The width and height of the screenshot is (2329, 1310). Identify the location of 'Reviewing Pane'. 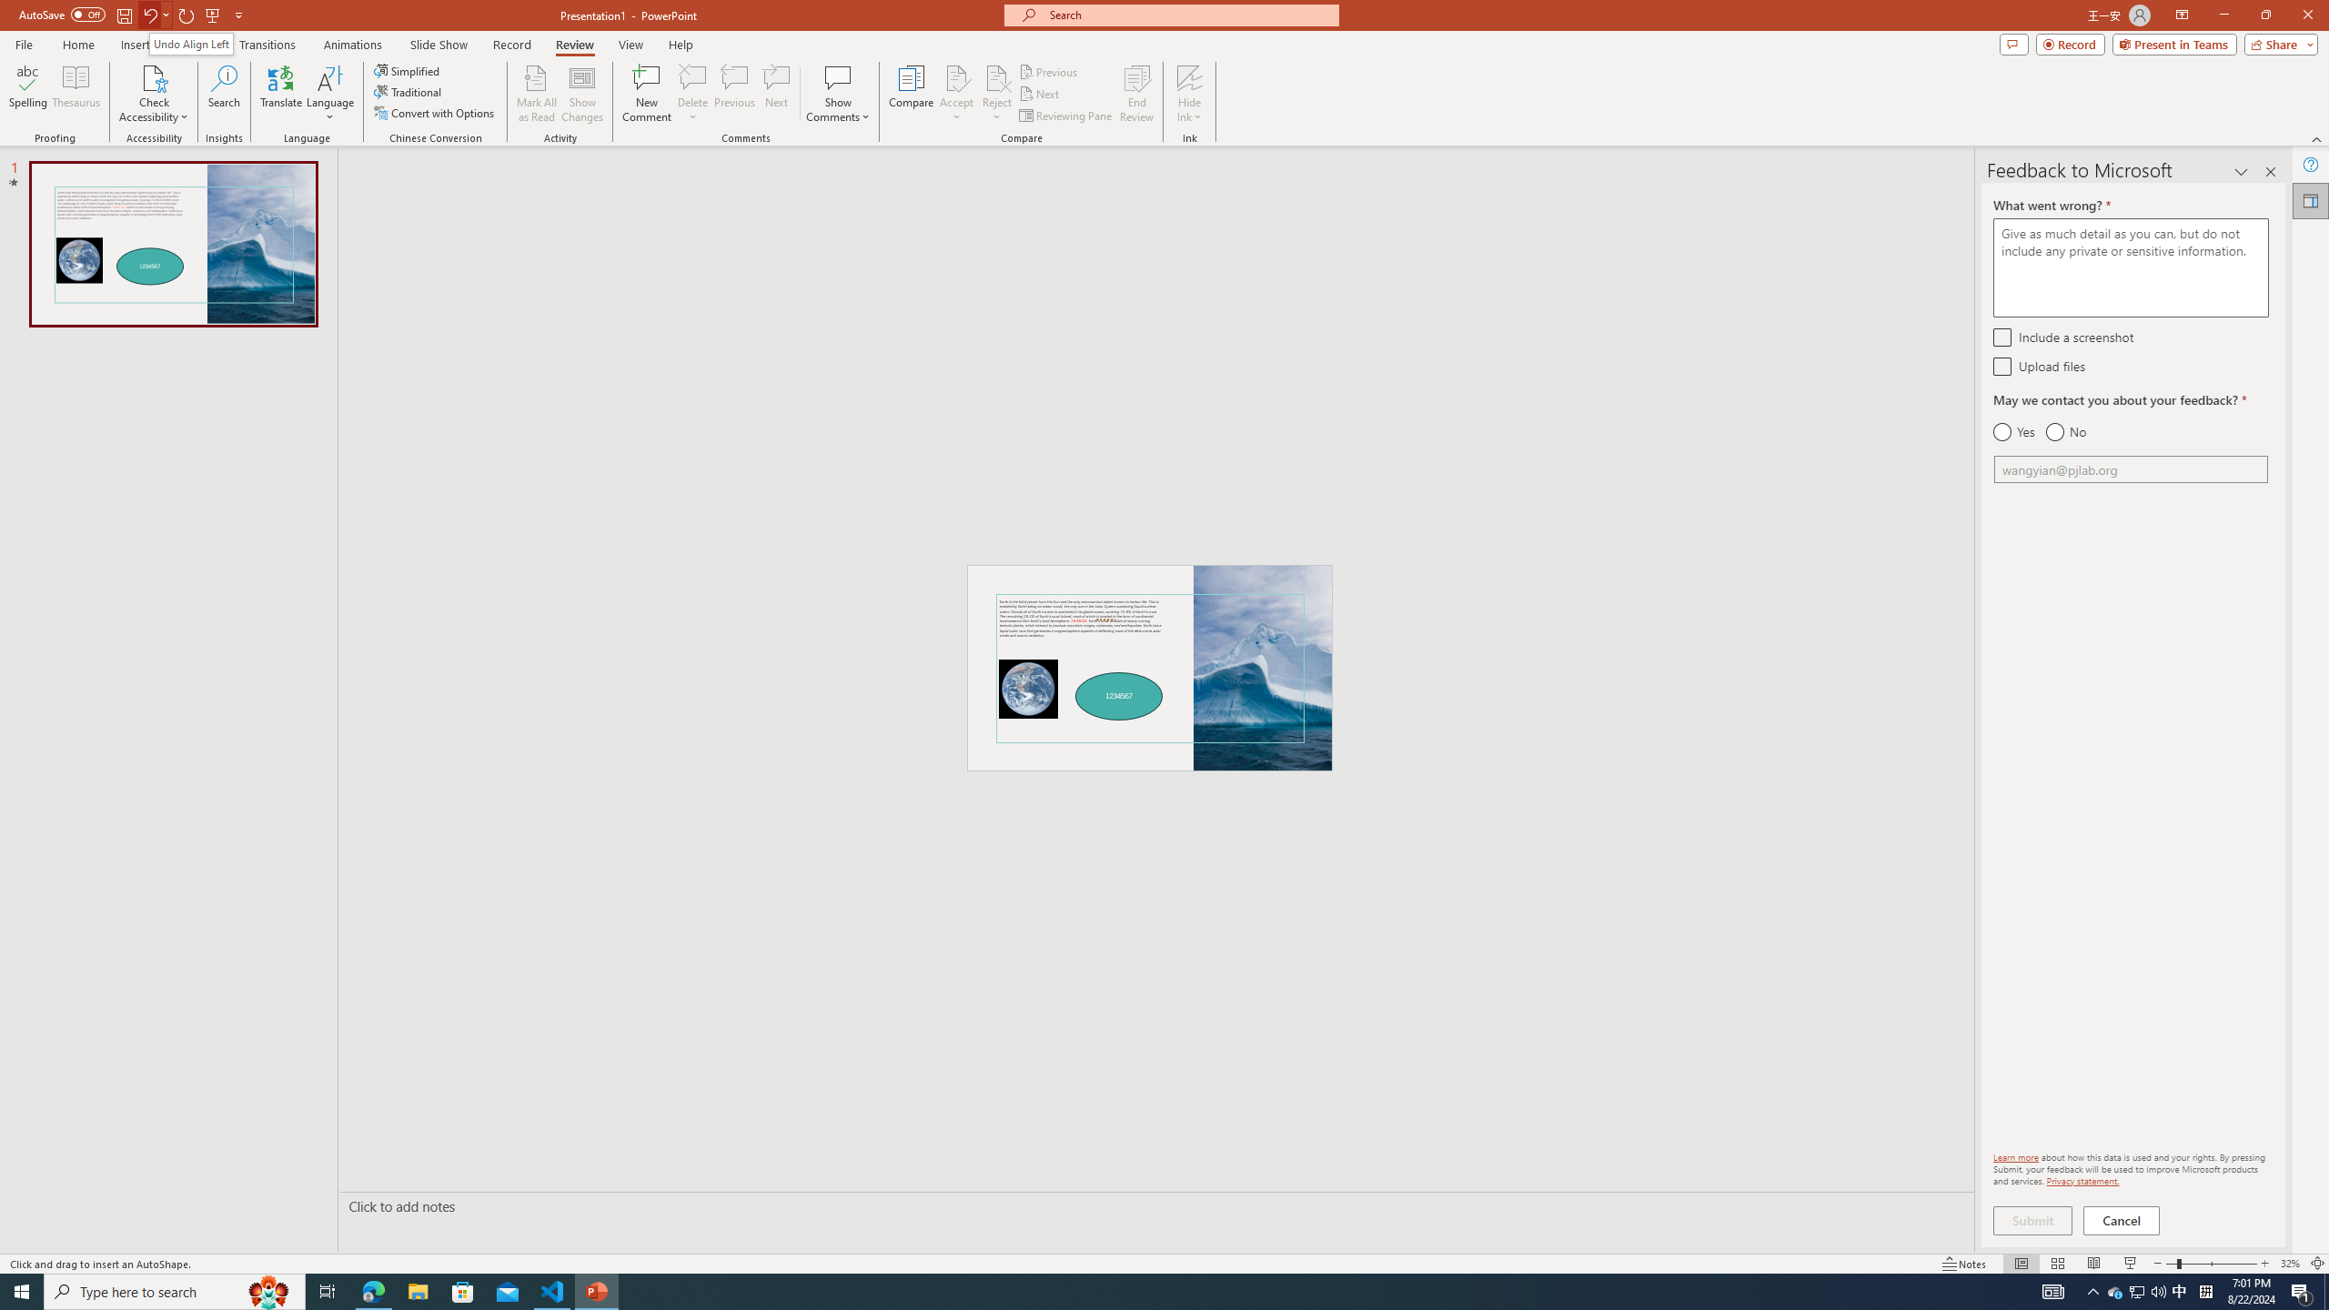
(1065, 116).